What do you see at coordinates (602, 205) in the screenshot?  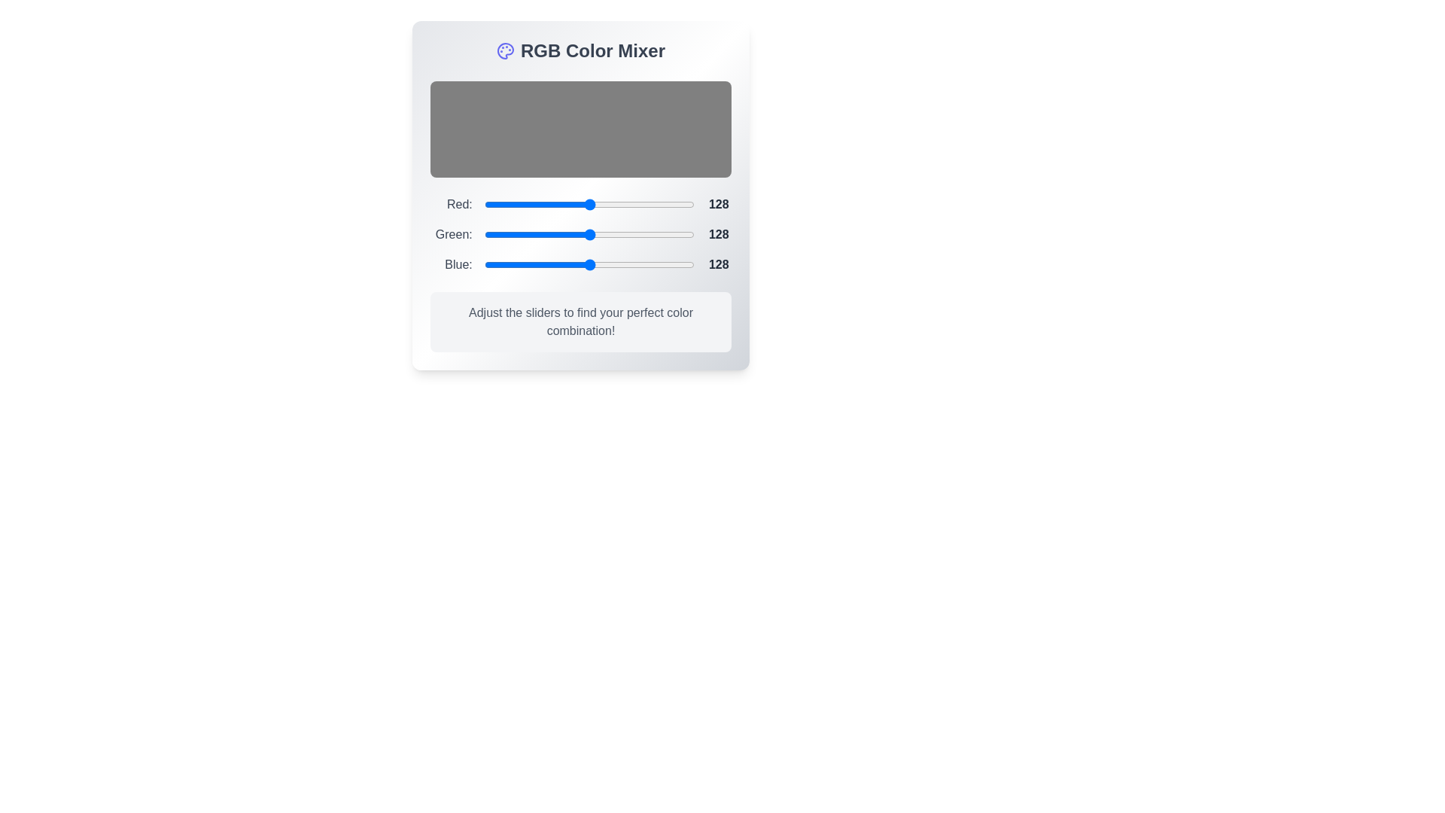 I see `the 0 slider to a value of 31` at bounding box center [602, 205].